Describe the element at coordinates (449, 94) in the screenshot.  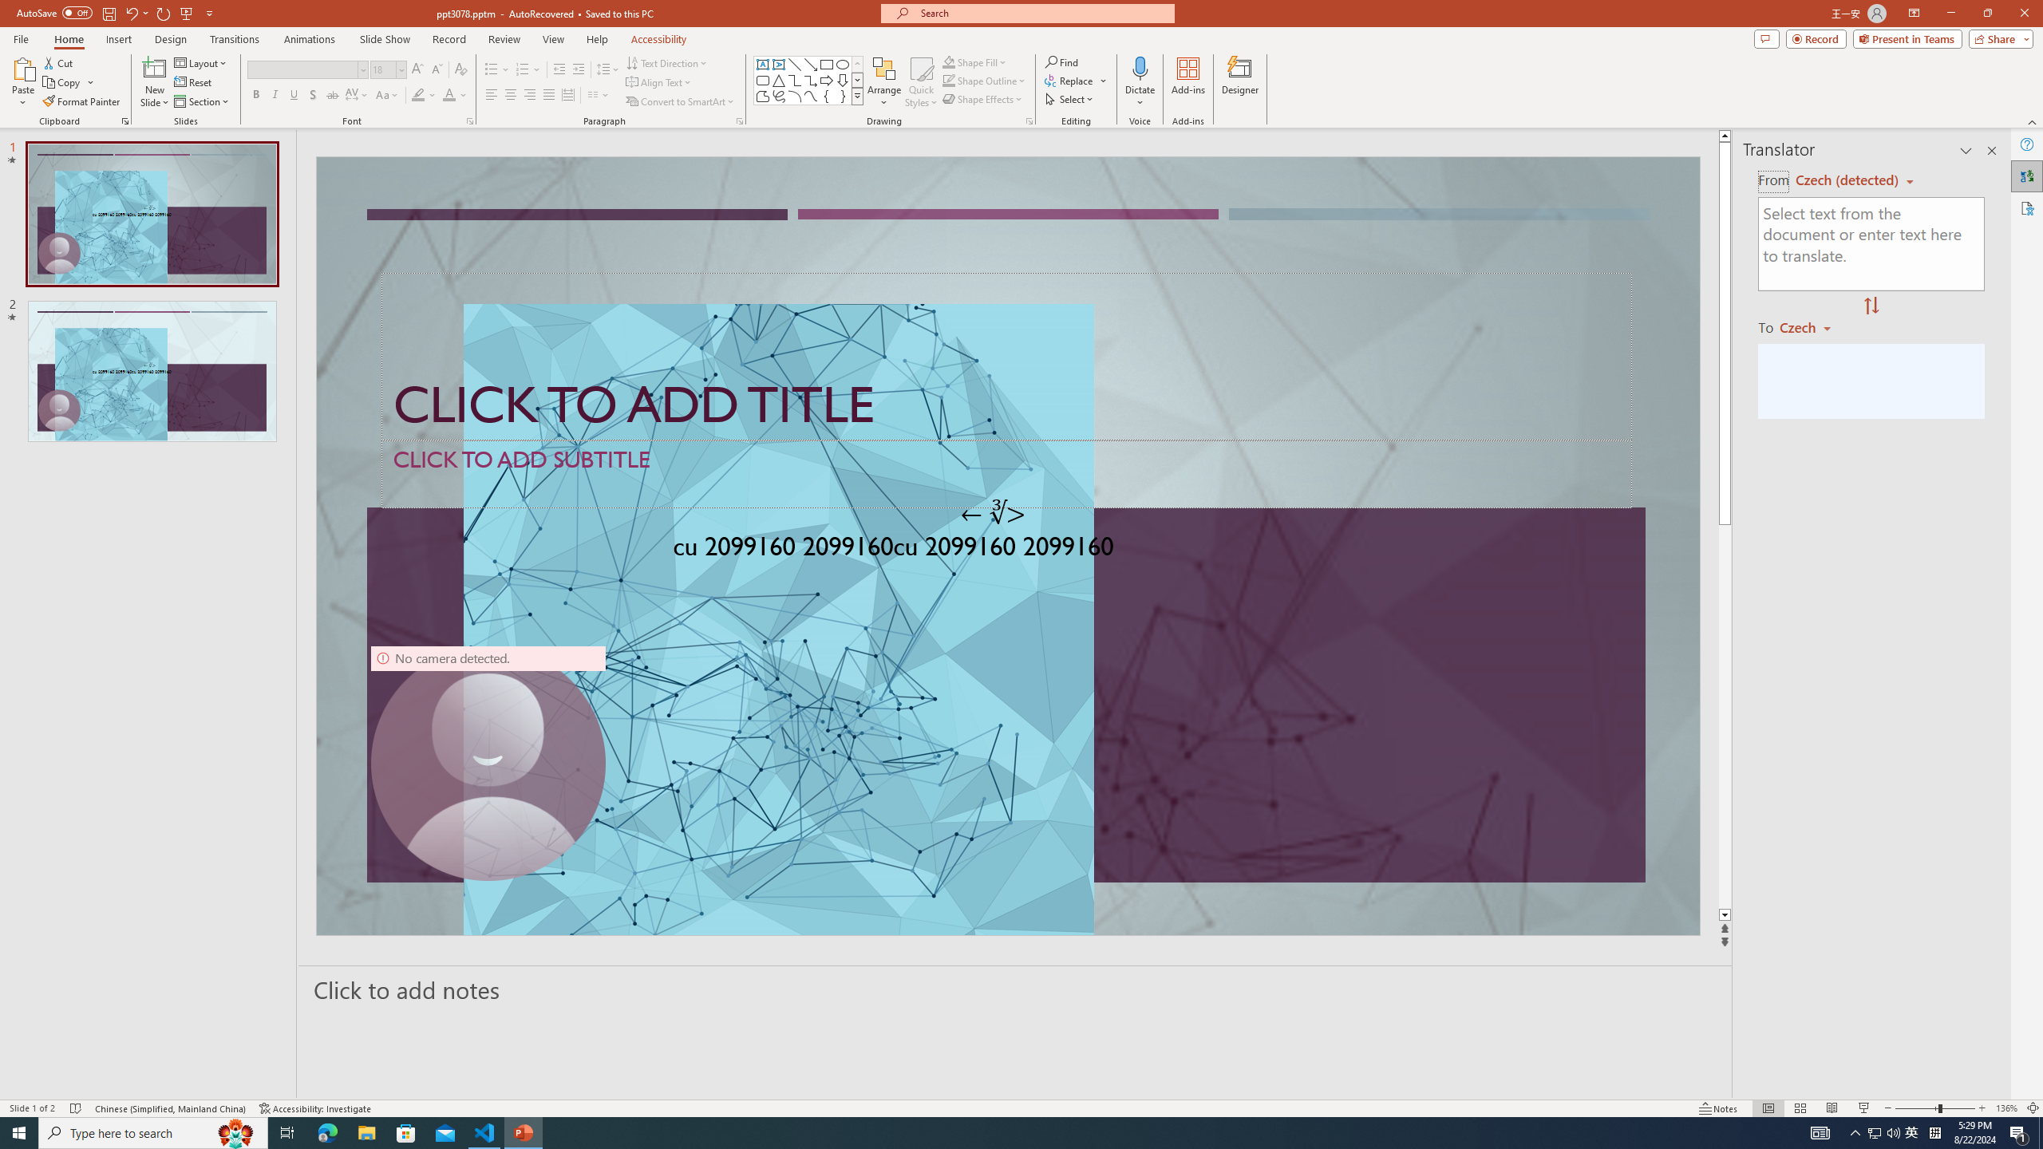
I see `'Font Color Red'` at that location.